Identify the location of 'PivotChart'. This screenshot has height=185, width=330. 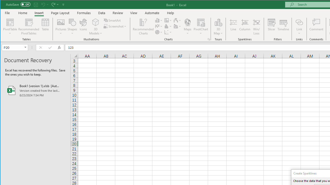
(201, 27).